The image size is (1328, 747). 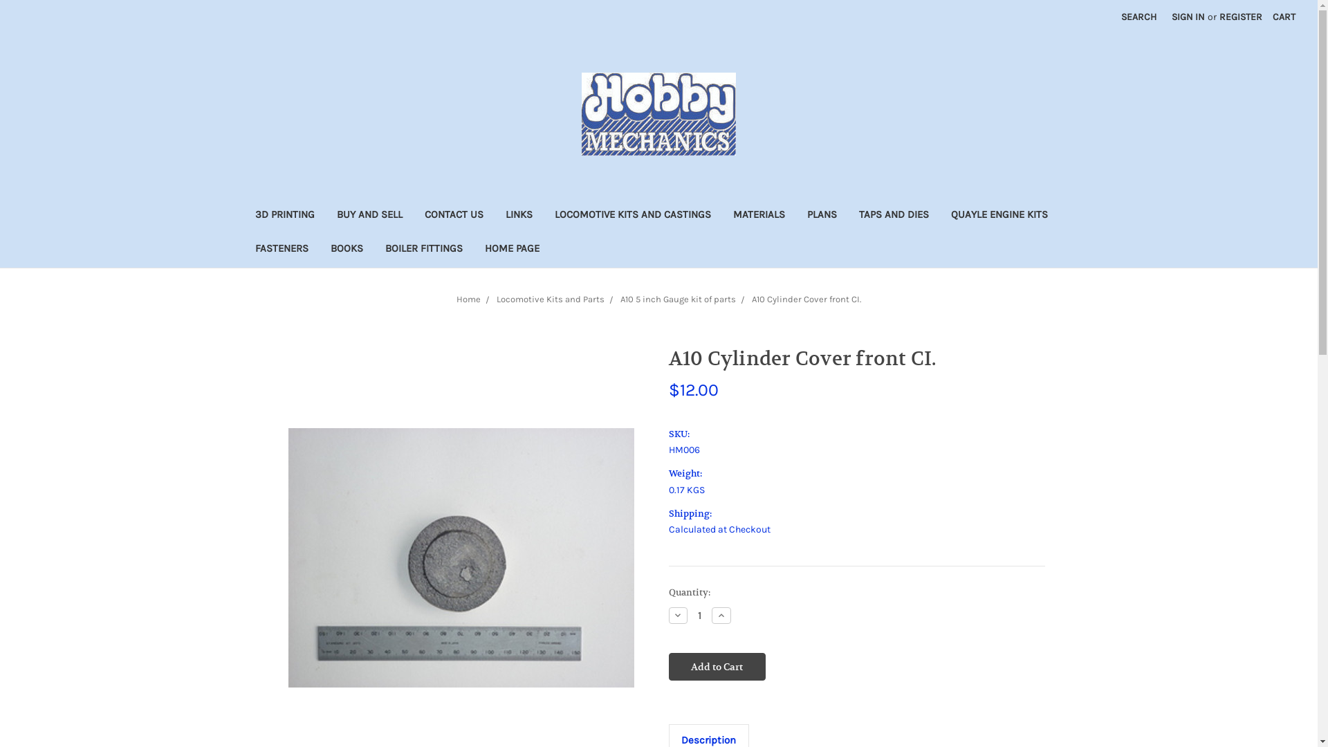 What do you see at coordinates (678, 298) in the screenshot?
I see `'A10 5 inch Gauge kit of parts'` at bounding box center [678, 298].